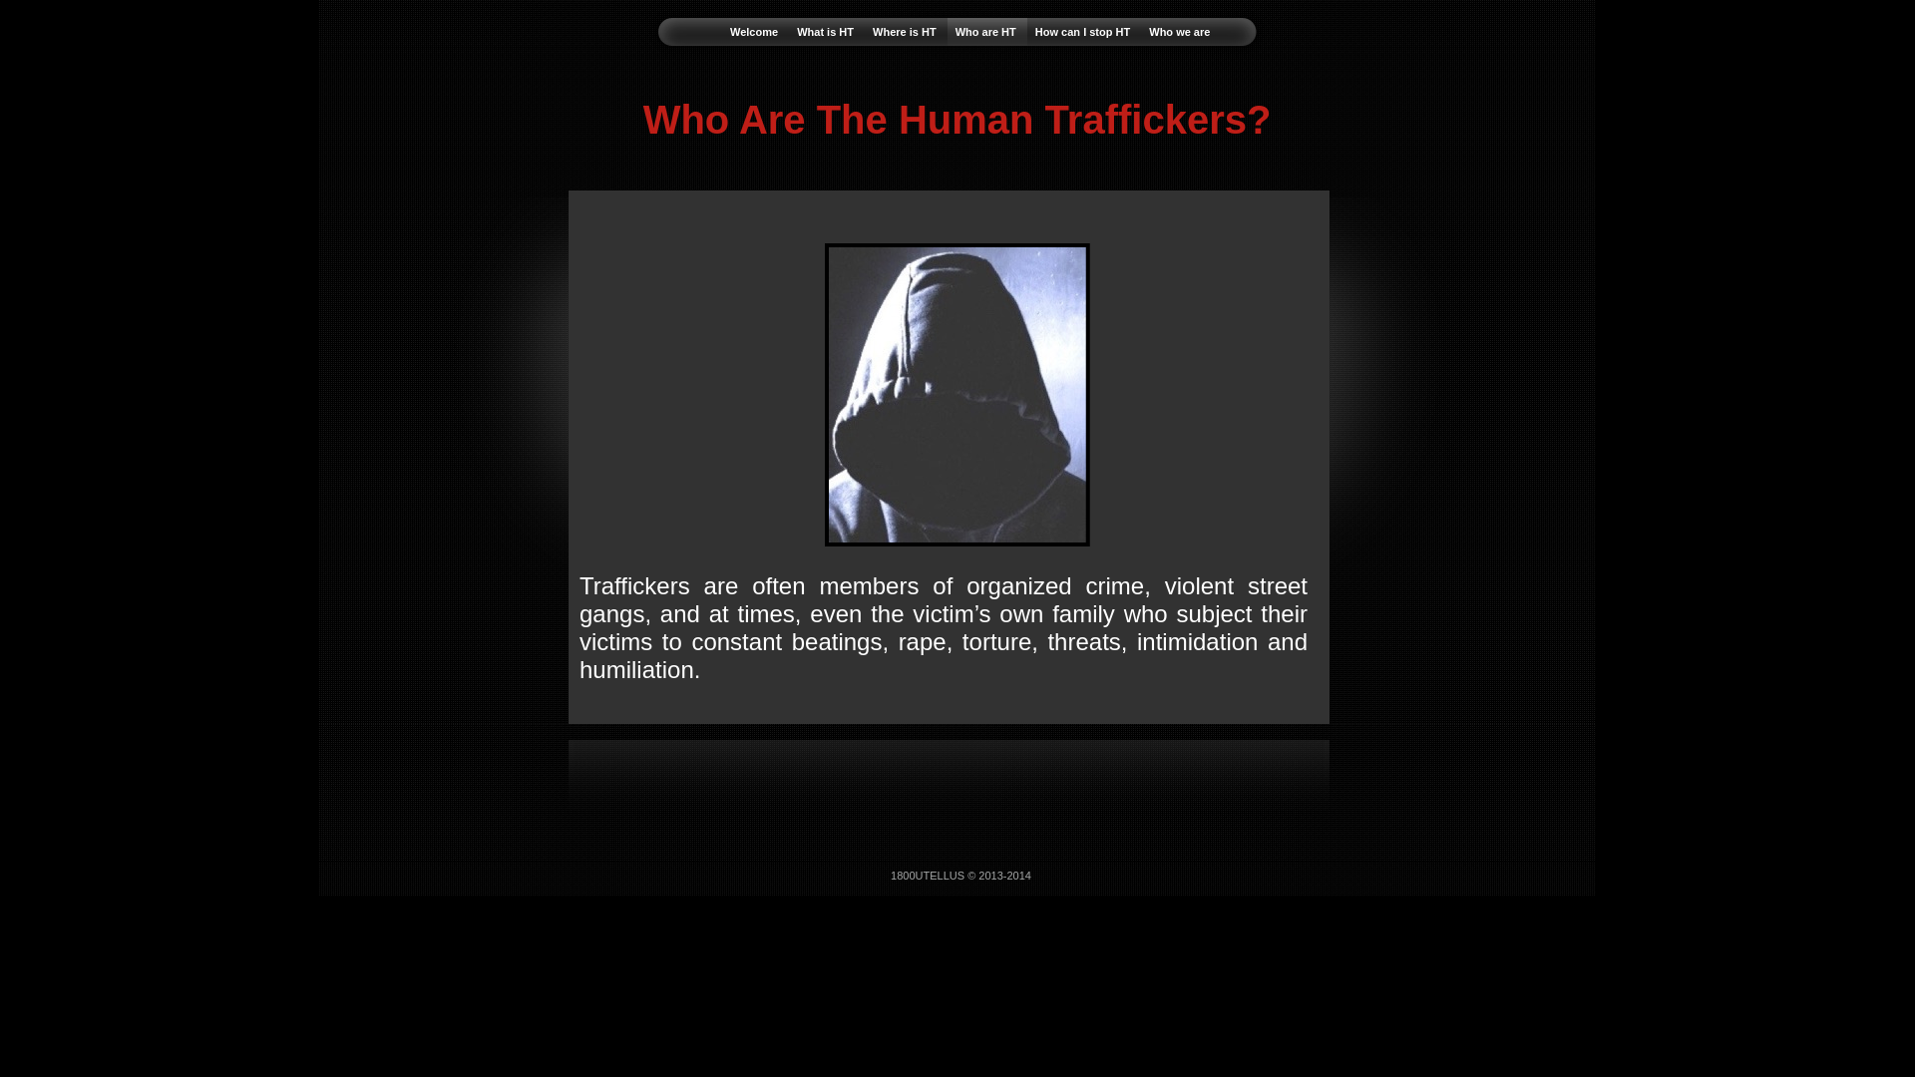  I want to click on 'Who we are', so click(1179, 31).